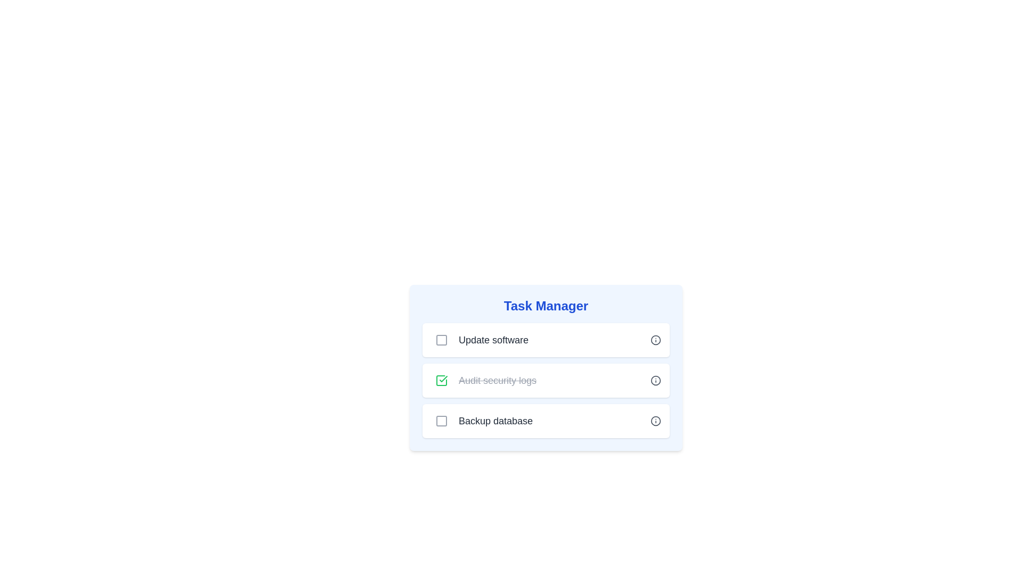 The image size is (1023, 575). I want to click on the circular vector graphic element located to the right of the 'Update software' text in the task manager interface, so click(655, 420).